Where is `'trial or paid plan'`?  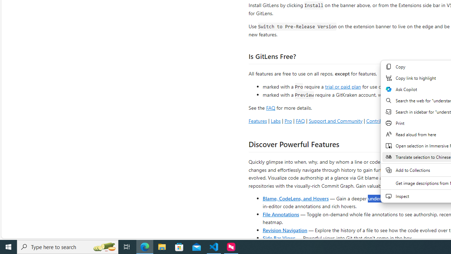 'trial or paid plan' is located at coordinates (343, 86).